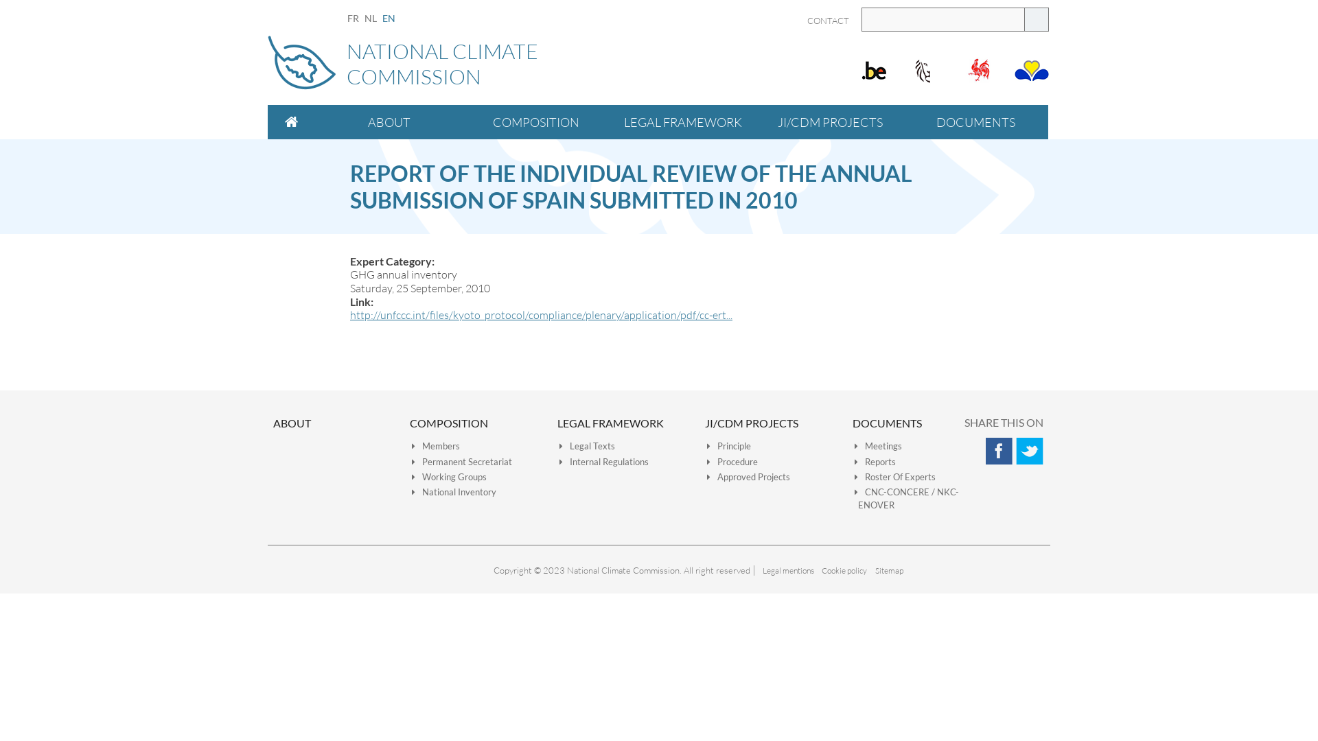  What do you see at coordinates (0, 0) in the screenshot?
I see `'Skip to main content'` at bounding box center [0, 0].